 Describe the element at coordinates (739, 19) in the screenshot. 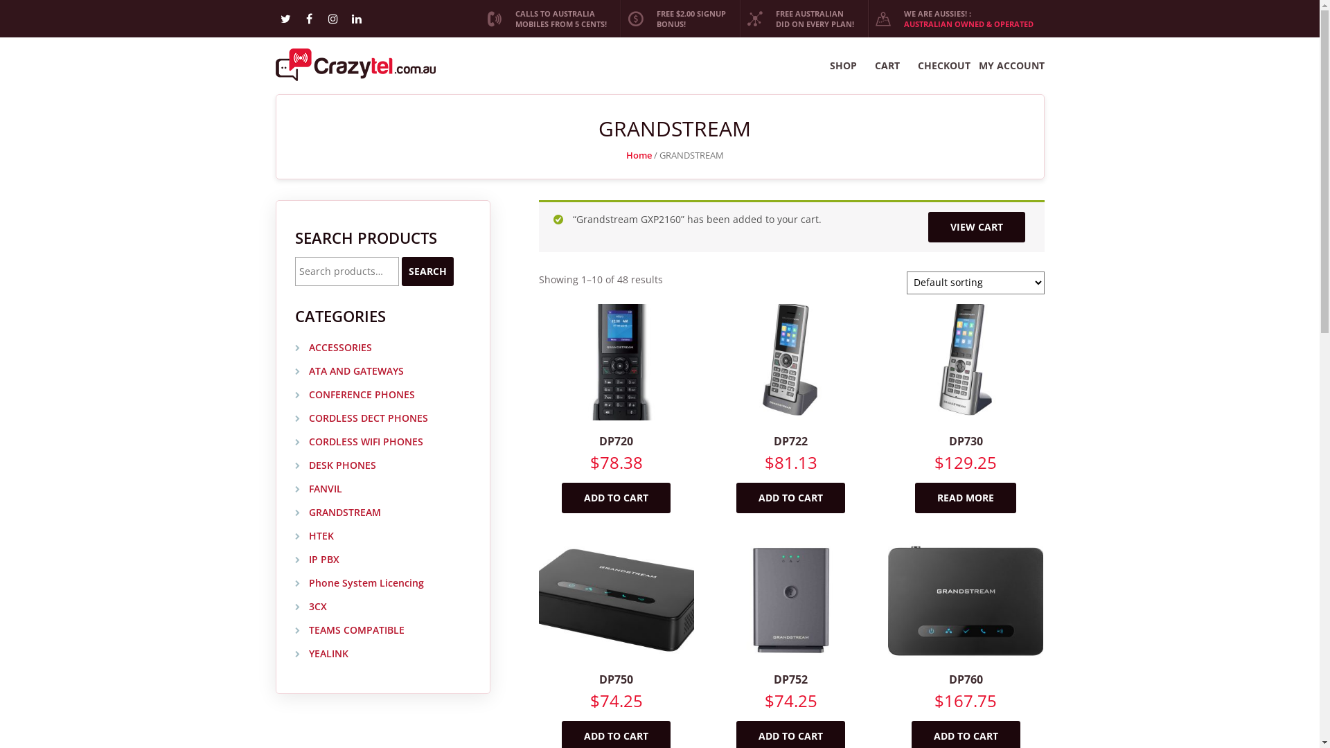

I see `'FREE AUSTRALIAN` at that location.